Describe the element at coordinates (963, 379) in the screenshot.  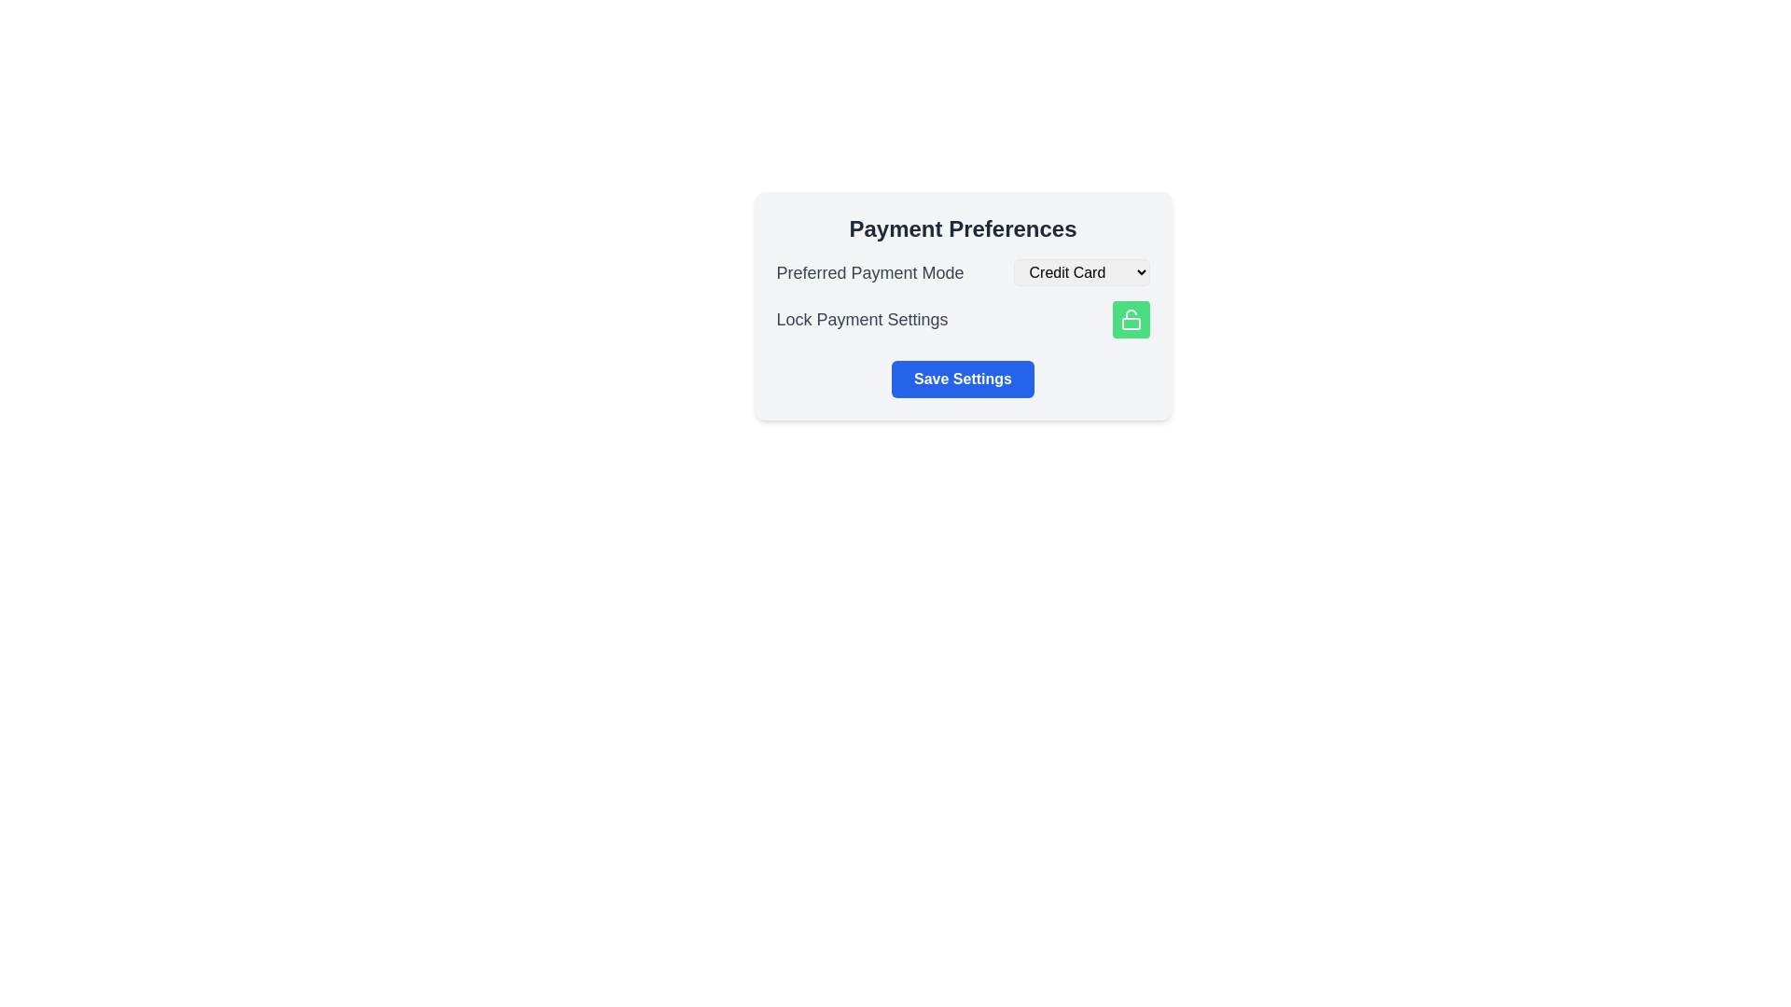
I see `the 'Save Settings' button with a blue background and white text, located at the bottom of the 'Payment Preferences' card` at that location.